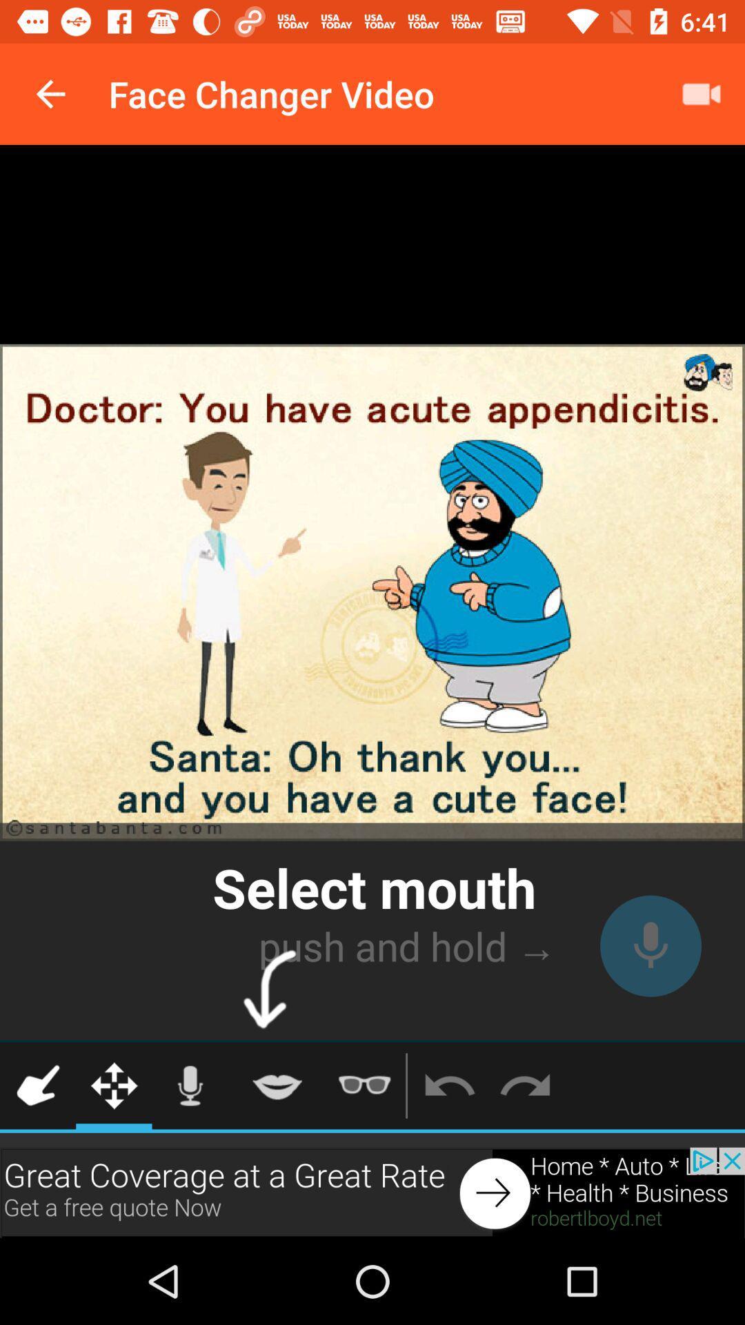 This screenshot has width=745, height=1325. What do you see at coordinates (525, 1085) in the screenshot?
I see `the redo icon` at bounding box center [525, 1085].